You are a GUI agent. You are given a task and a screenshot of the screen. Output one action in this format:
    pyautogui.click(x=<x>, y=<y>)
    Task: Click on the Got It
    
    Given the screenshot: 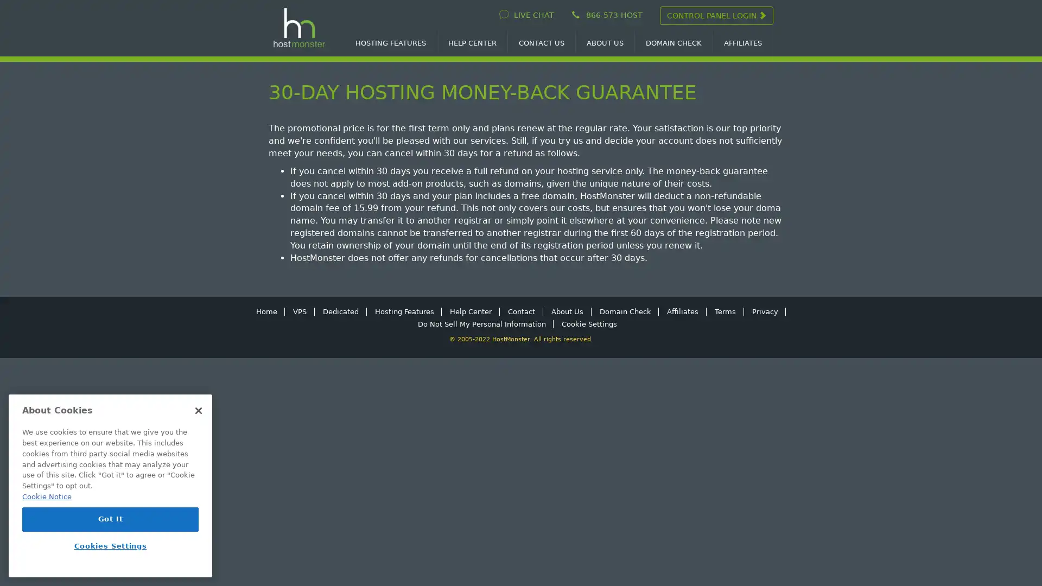 What is the action you would take?
    pyautogui.click(x=110, y=518)
    